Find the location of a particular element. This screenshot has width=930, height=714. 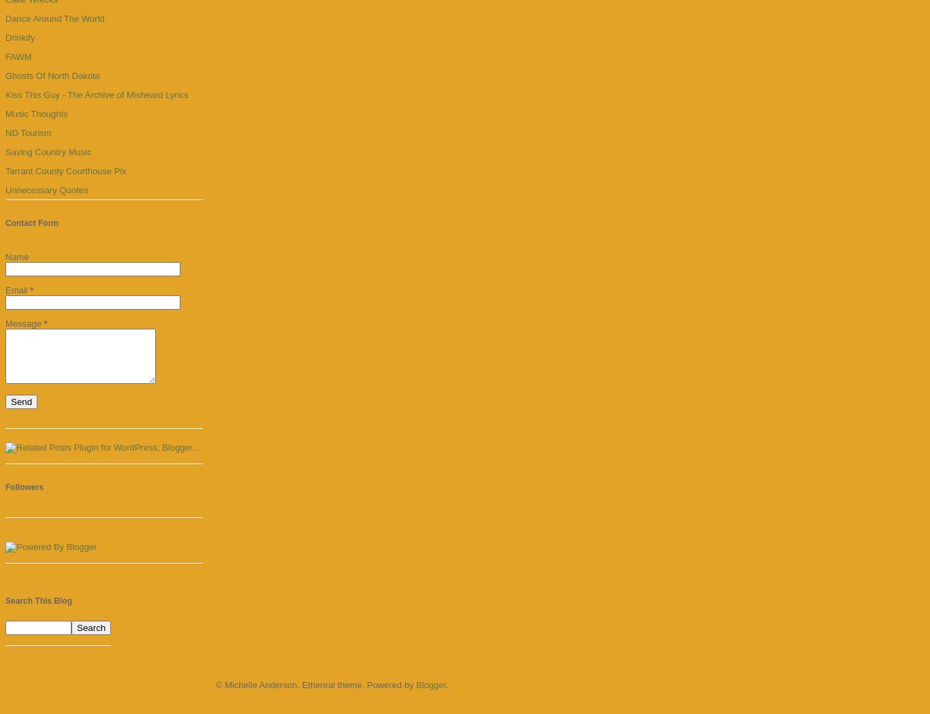

'Email' is located at coordinates (17, 289).